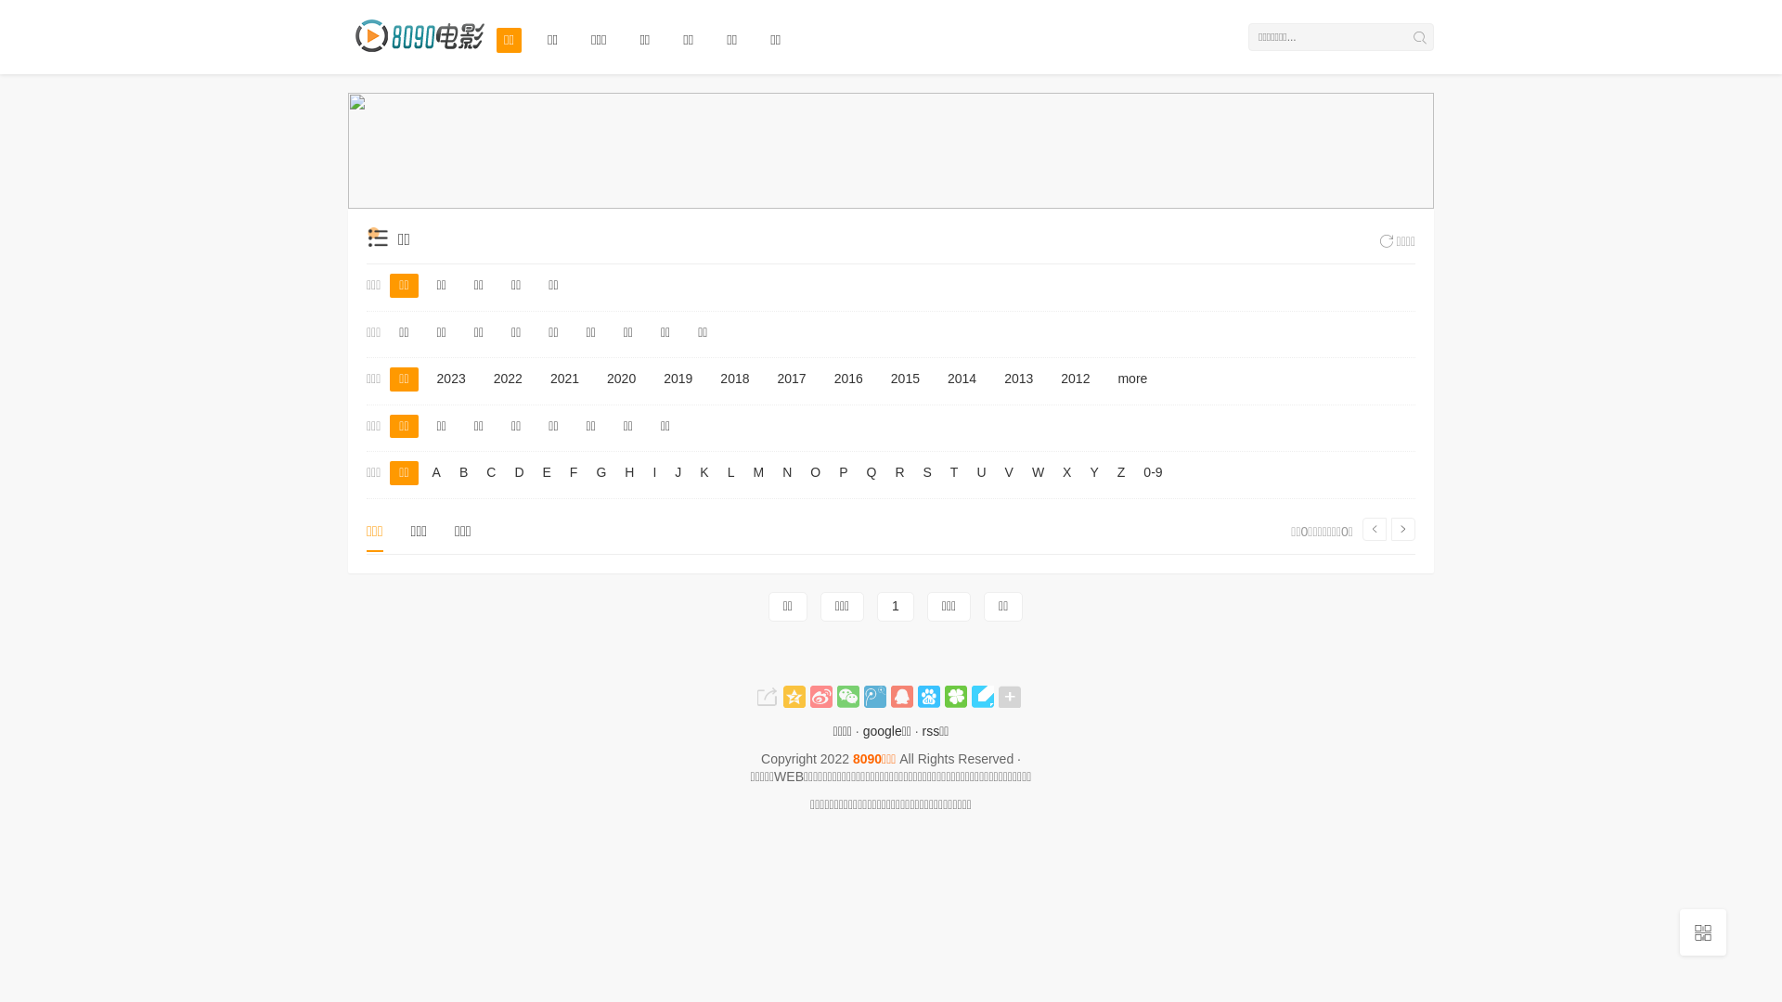 The height and width of the screenshot is (1002, 1782). I want to click on 'V', so click(1000, 471).